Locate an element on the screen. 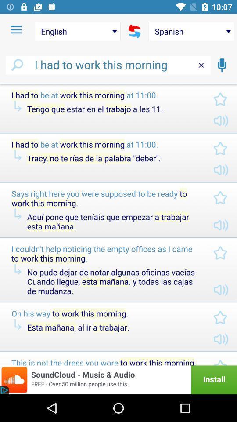 The image size is (237, 422). the icon below says right here icon is located at coordinates (113, 221).